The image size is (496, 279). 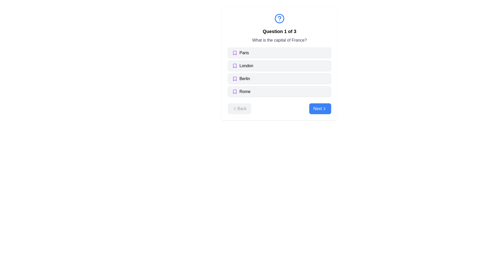 I want to click on the second option button in the multiple-choice question interface, so click(x=279, y=65).